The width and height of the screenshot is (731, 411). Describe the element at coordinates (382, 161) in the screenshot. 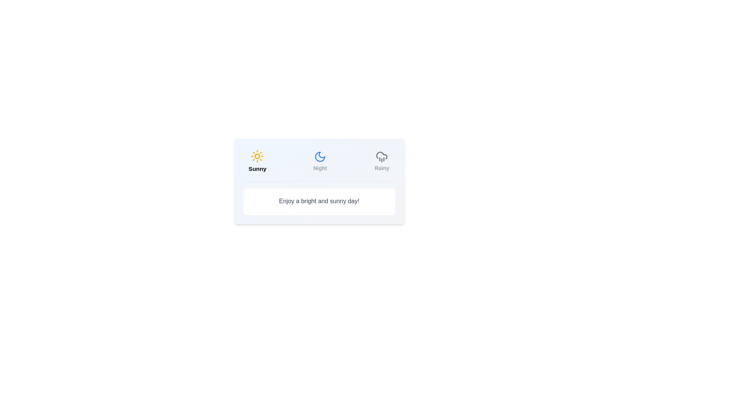

I see `the Rainy tab by clicking on its respective button` at that location.